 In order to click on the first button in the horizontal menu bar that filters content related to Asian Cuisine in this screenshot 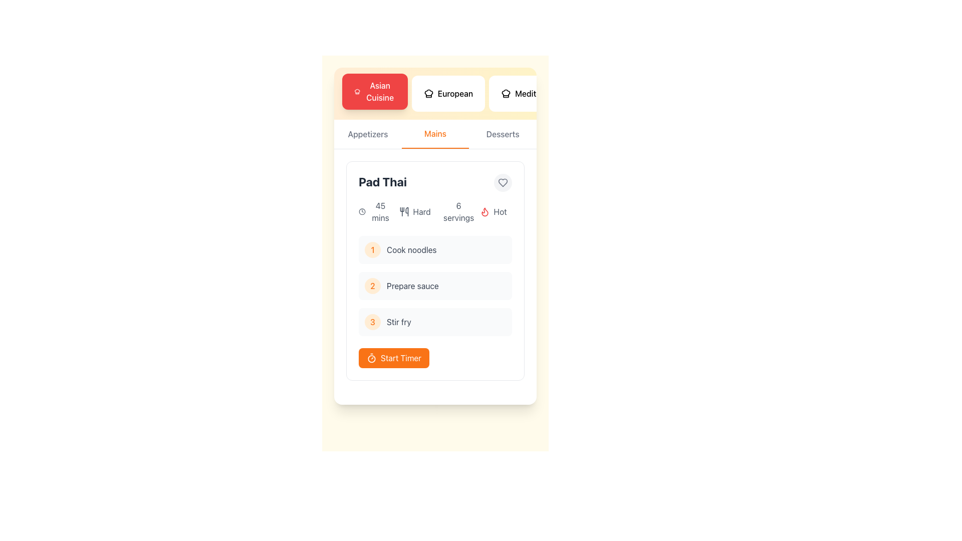, I will do `click(374, 91)`.